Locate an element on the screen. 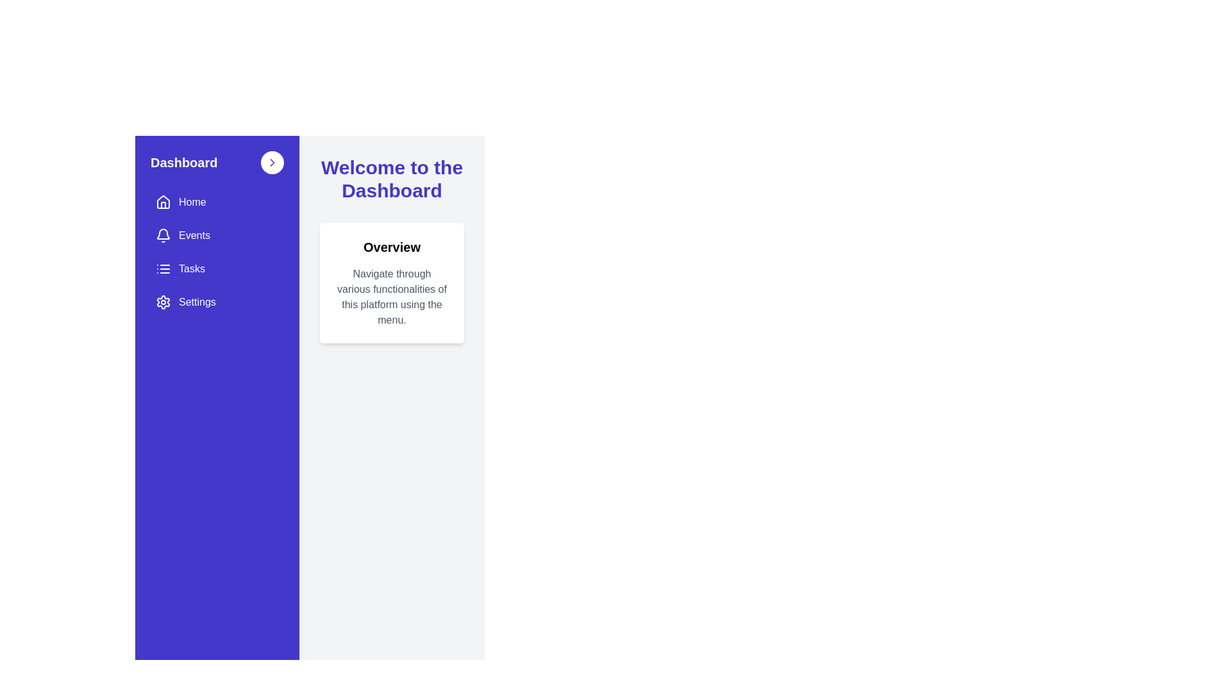 The image size is (1231, 692). text content of the 'Tasks' label located in the navigation sidebar, positioned below 'Events' and above 'Settings' is located at coordinates (191, 268).